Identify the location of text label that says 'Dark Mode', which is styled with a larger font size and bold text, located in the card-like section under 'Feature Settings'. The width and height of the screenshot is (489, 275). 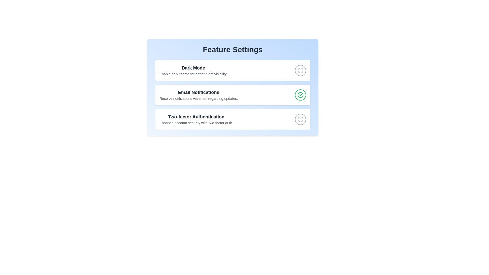
(193, 67).